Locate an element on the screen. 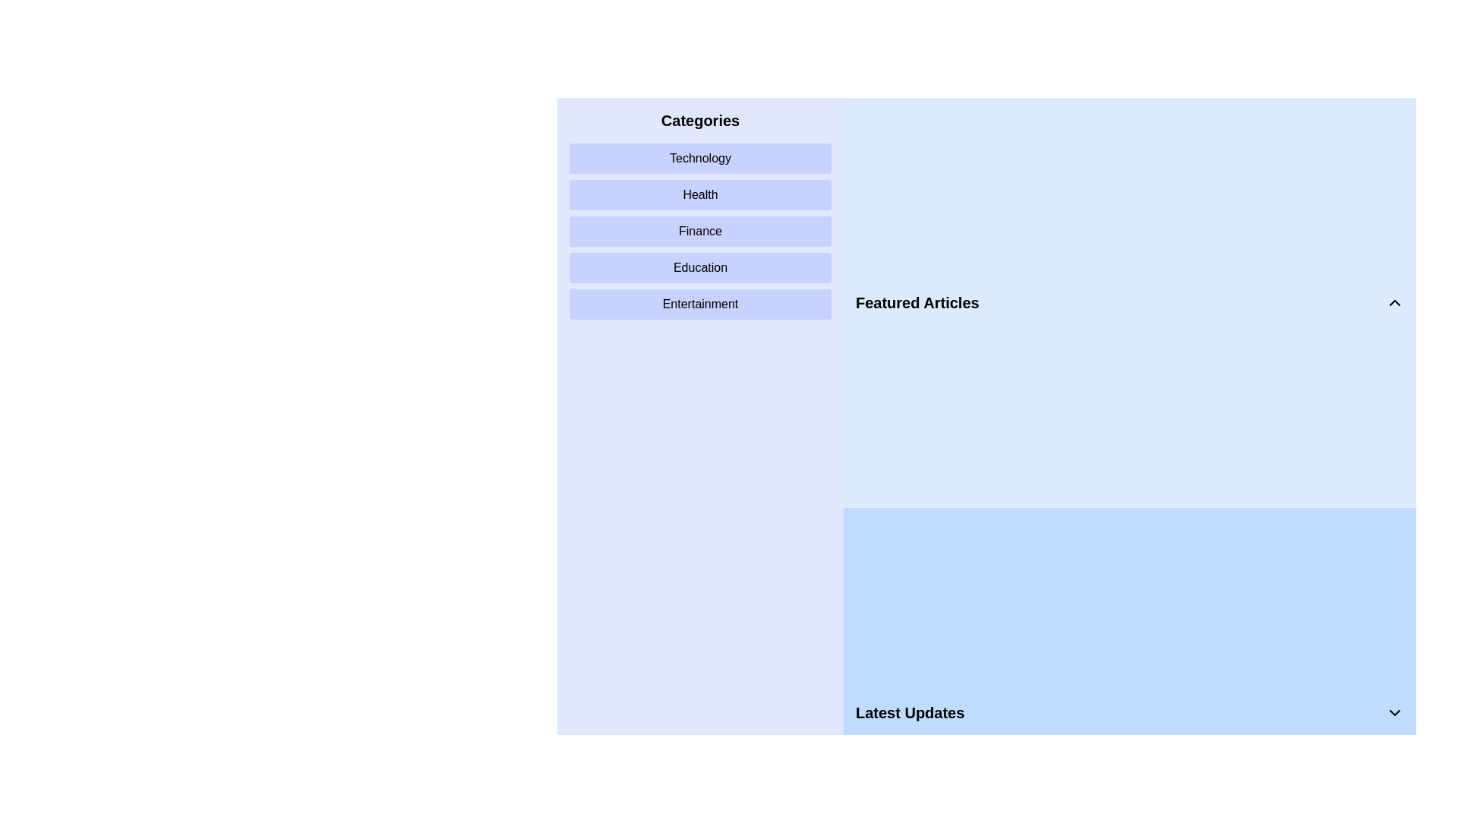  the 'Finance' button, which is the third button in the vertical list under the 'Categories' section, positioned between the 'Health' and 'Education' buttons, to trigger the hover effect is located at coordinates (699, 231).